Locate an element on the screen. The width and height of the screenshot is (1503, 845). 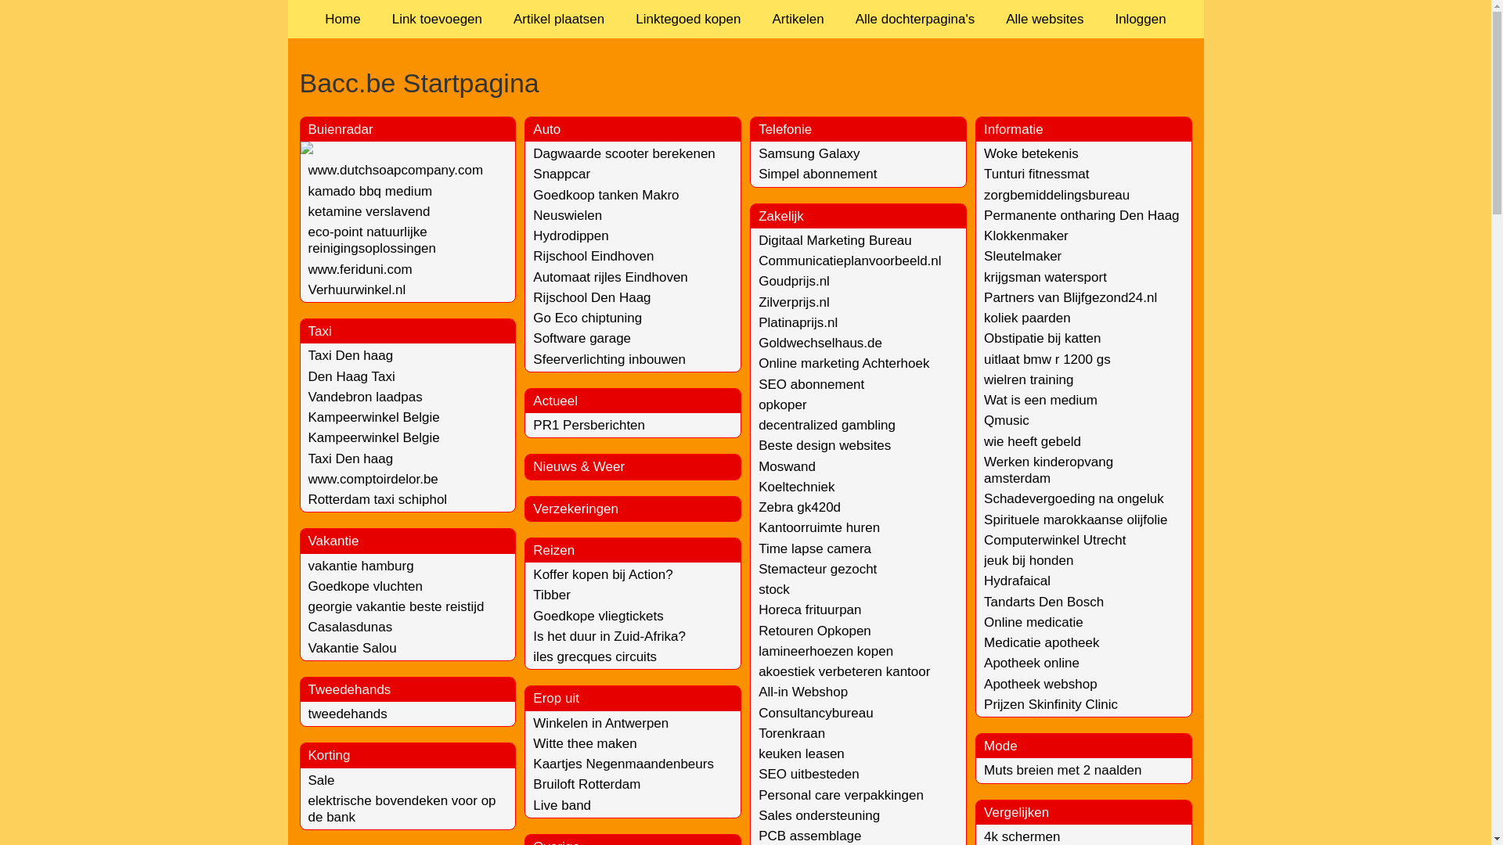
'Communicatieplanvoorbeeld.nl' is located at coordinates (849, 260).